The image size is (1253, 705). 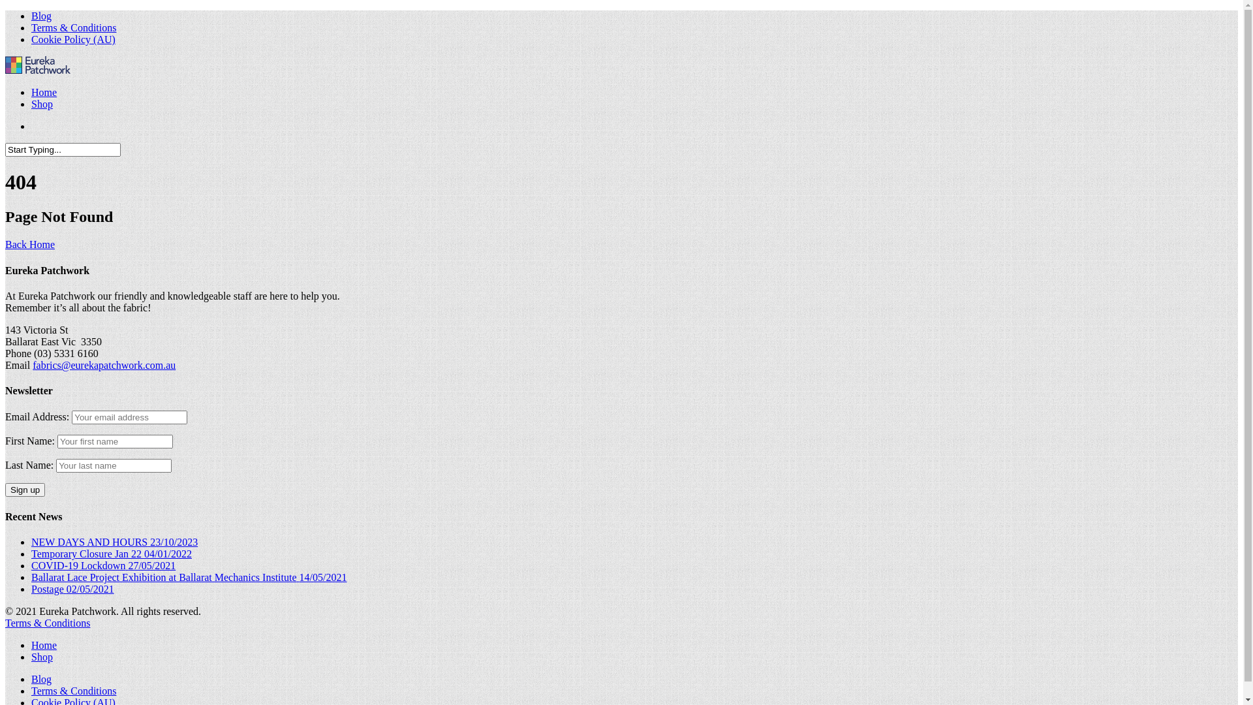 I want to click on 'Shop', so click(x=42, y=657).